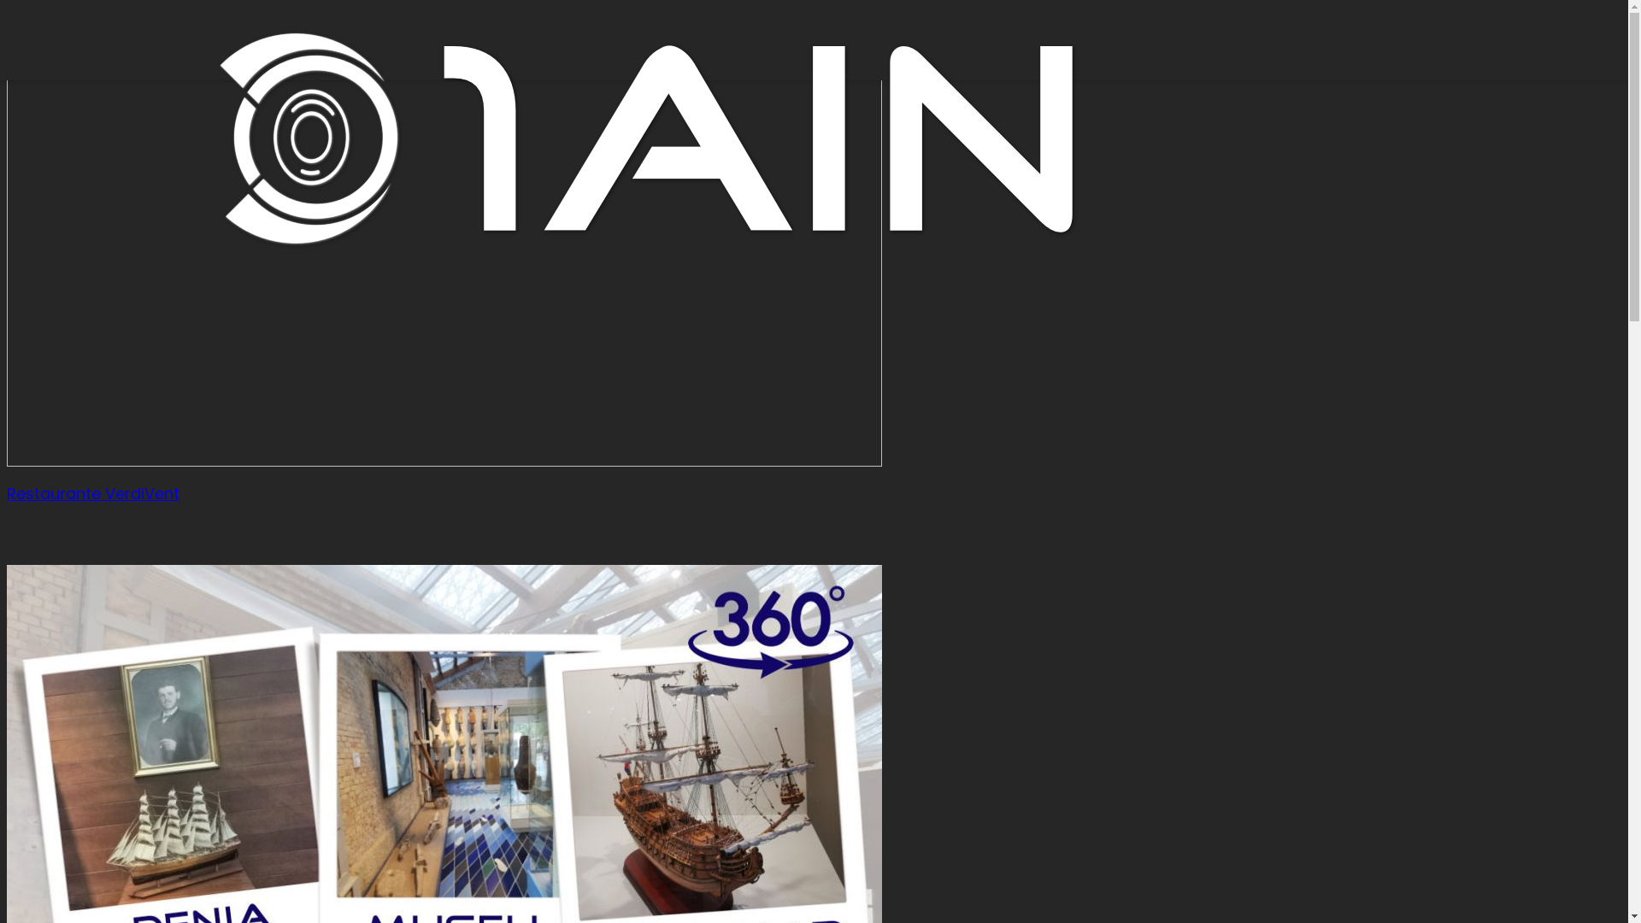 The image size is (1641, 923). What do you see at coordinates (92, 493) in the screenshot?
I see `'Restaurante VerdiVent'` at bounding box center [92, 493].